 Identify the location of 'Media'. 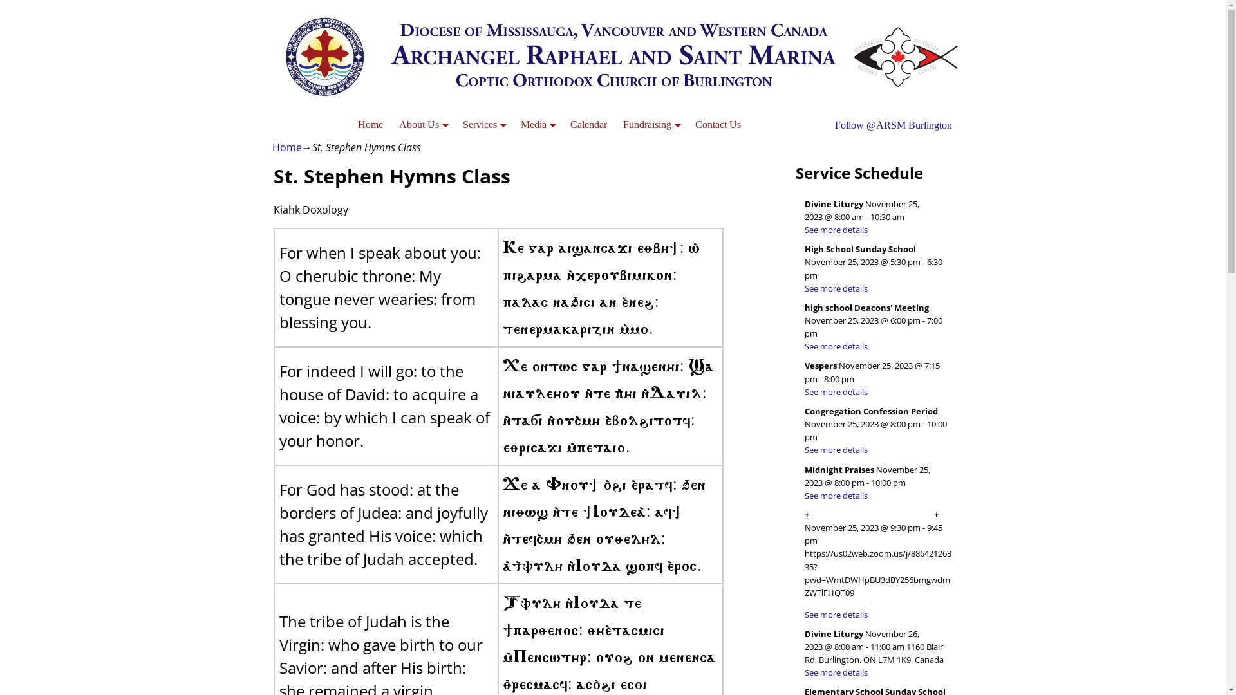
(538, 125).